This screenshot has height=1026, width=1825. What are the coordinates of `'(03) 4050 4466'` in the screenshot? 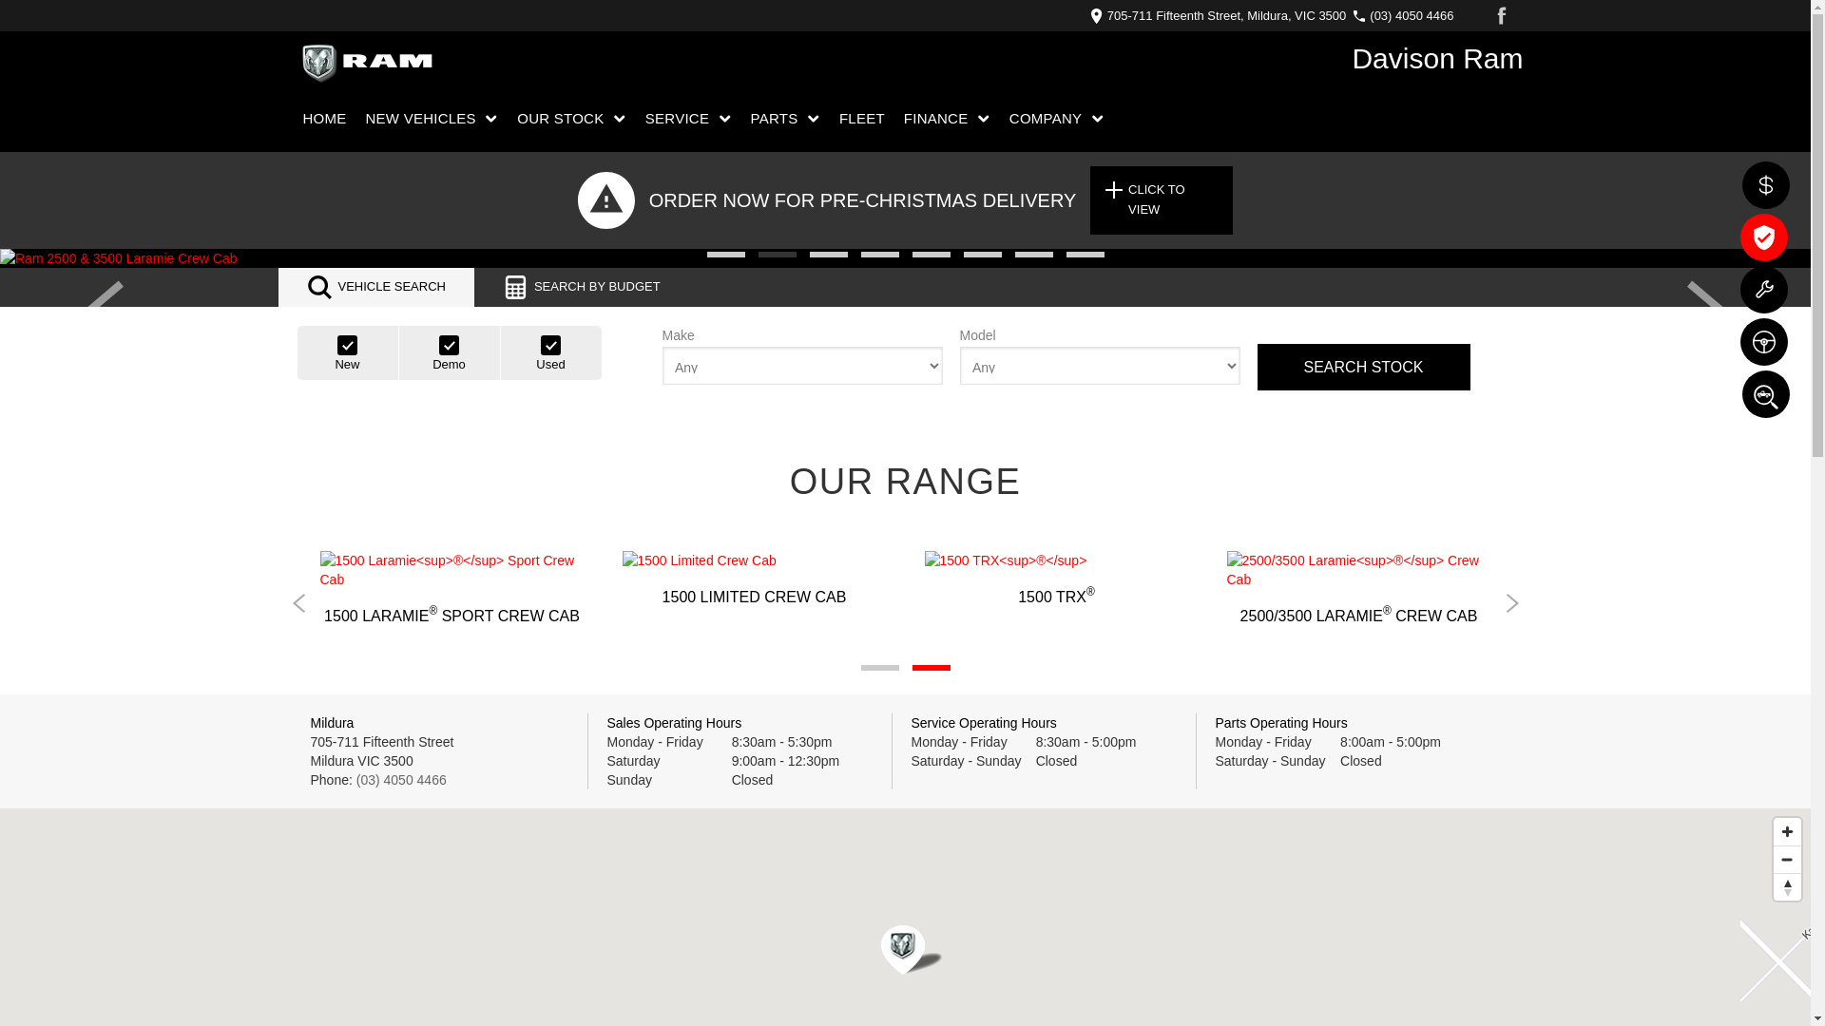 It's located at (1407, 15).